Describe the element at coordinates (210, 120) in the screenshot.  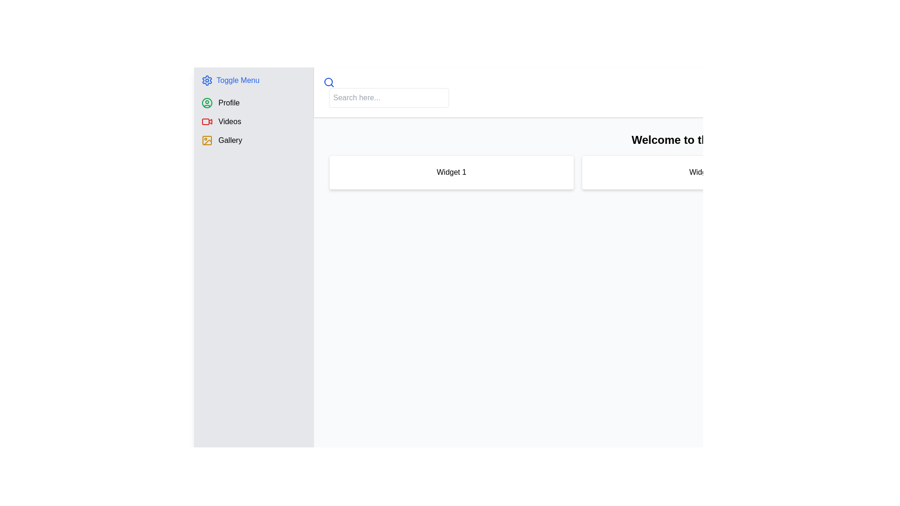
I see `the triangular play button icon within the red rectangle in the sidebar` at that location.